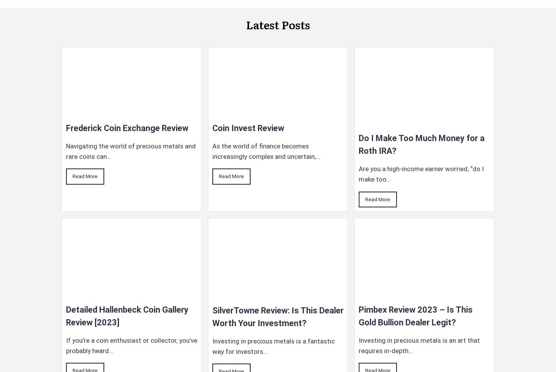 Image resolution: width=556 pixels, height=372 pixels. I want to click on 'Latest Posts', so click(246, 24).